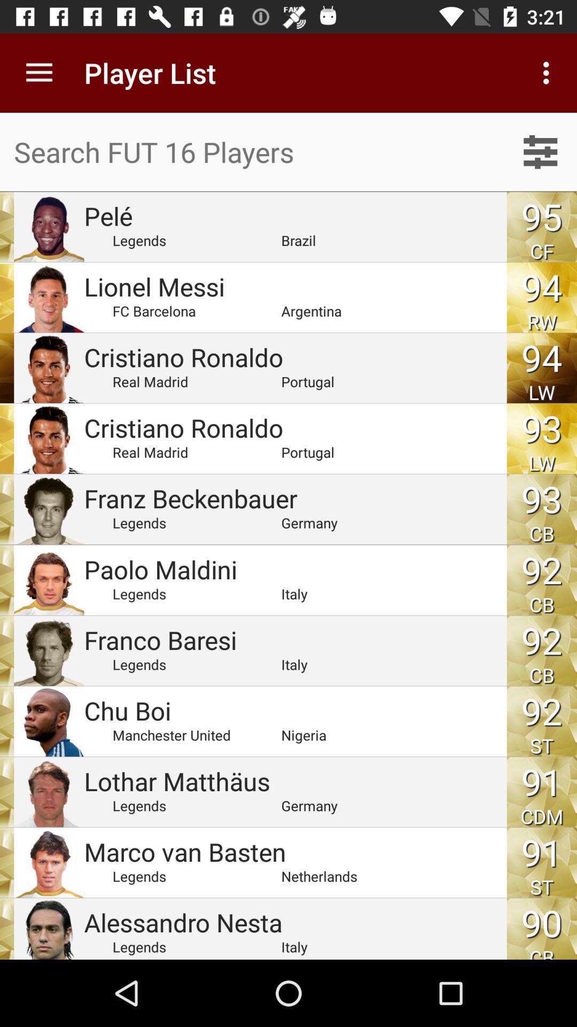 The image size is (577, 1027). What do you see at coordinates (540, 151) in the screenshot?
I see `the sliders icon` at bounding box center [540, 151].